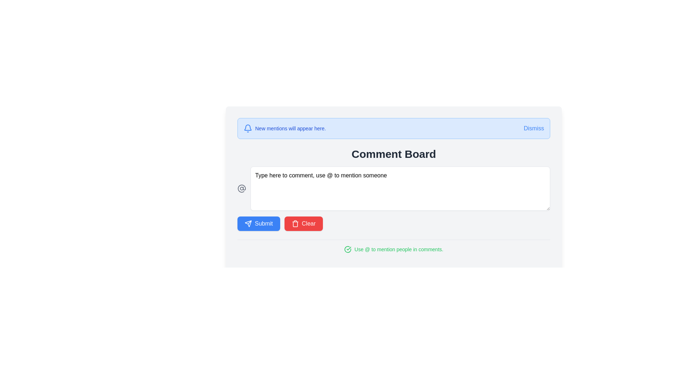 This screenshot has width=695, height=391. Describe the element at coordinates (248, 223) in the screenshot. I see `the blue triangular paper airplane icon located to the left of the 'Submit' text within the rounded blue 'Submit' button` at that location.